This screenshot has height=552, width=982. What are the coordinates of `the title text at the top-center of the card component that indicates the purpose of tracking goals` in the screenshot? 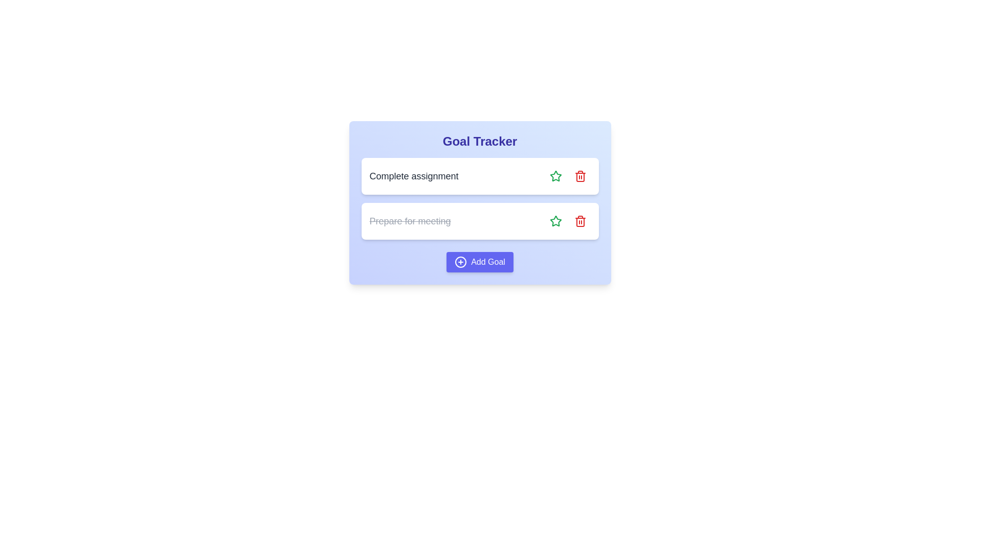 It's located at (479, 142).